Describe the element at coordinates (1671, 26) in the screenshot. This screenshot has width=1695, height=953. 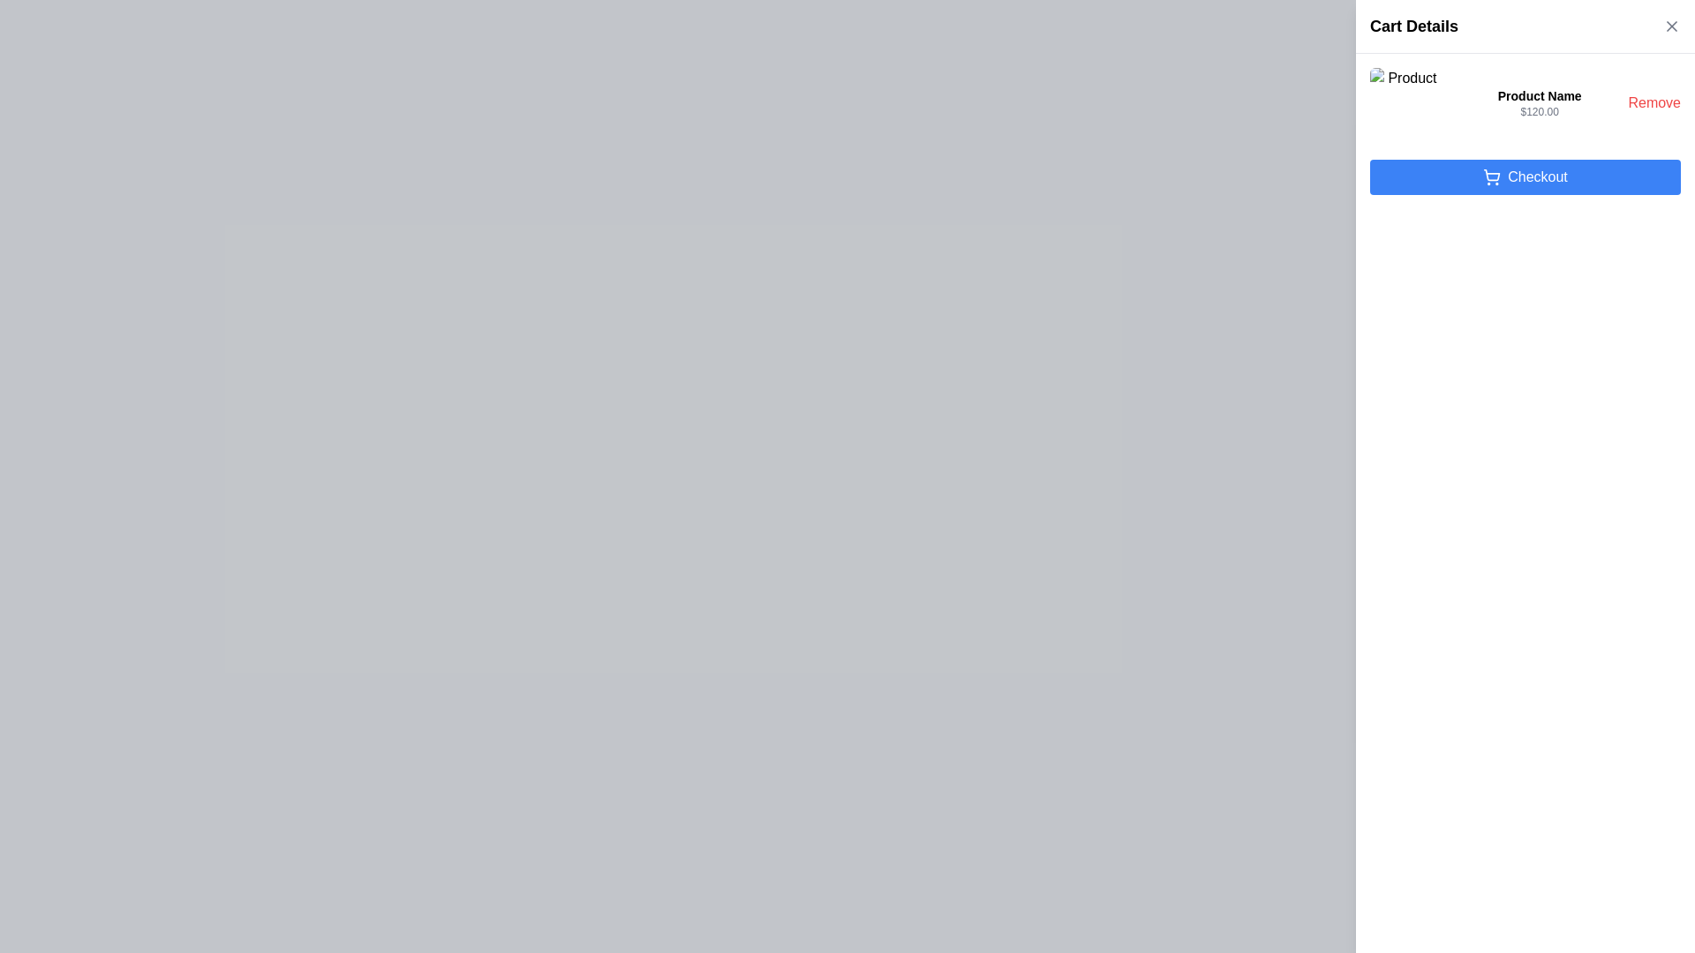
I see `the diagonal line forming part of the cross shape in the top right corner of the 'Cart Details' section` at that location.